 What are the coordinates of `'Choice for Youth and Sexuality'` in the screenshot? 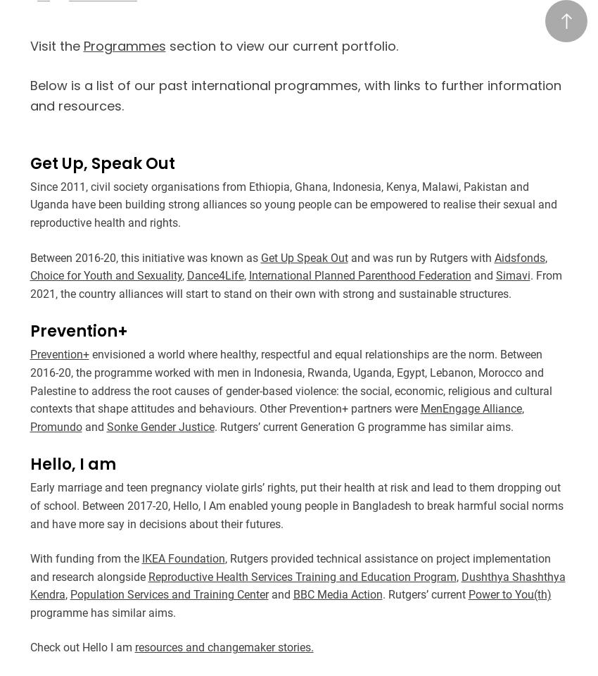 It's located at (106, 275).